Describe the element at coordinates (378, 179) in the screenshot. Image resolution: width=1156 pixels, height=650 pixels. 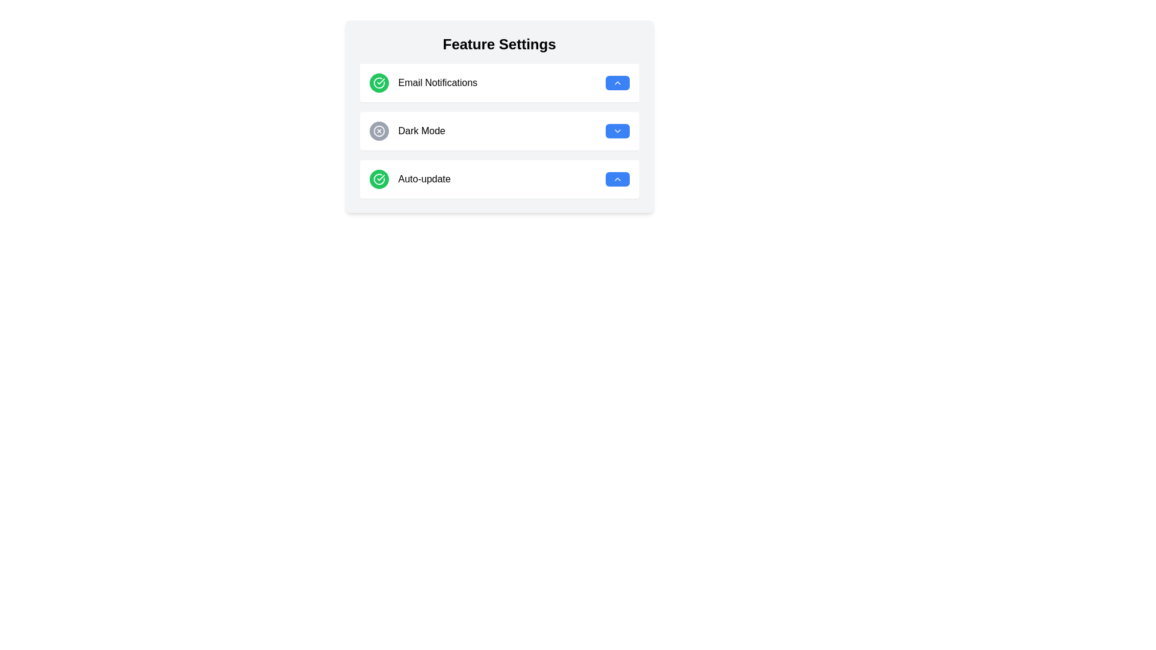
I see `the curved segment of the circular checkmark within the SVG icon next to the 'Auto-update' text` at that location.